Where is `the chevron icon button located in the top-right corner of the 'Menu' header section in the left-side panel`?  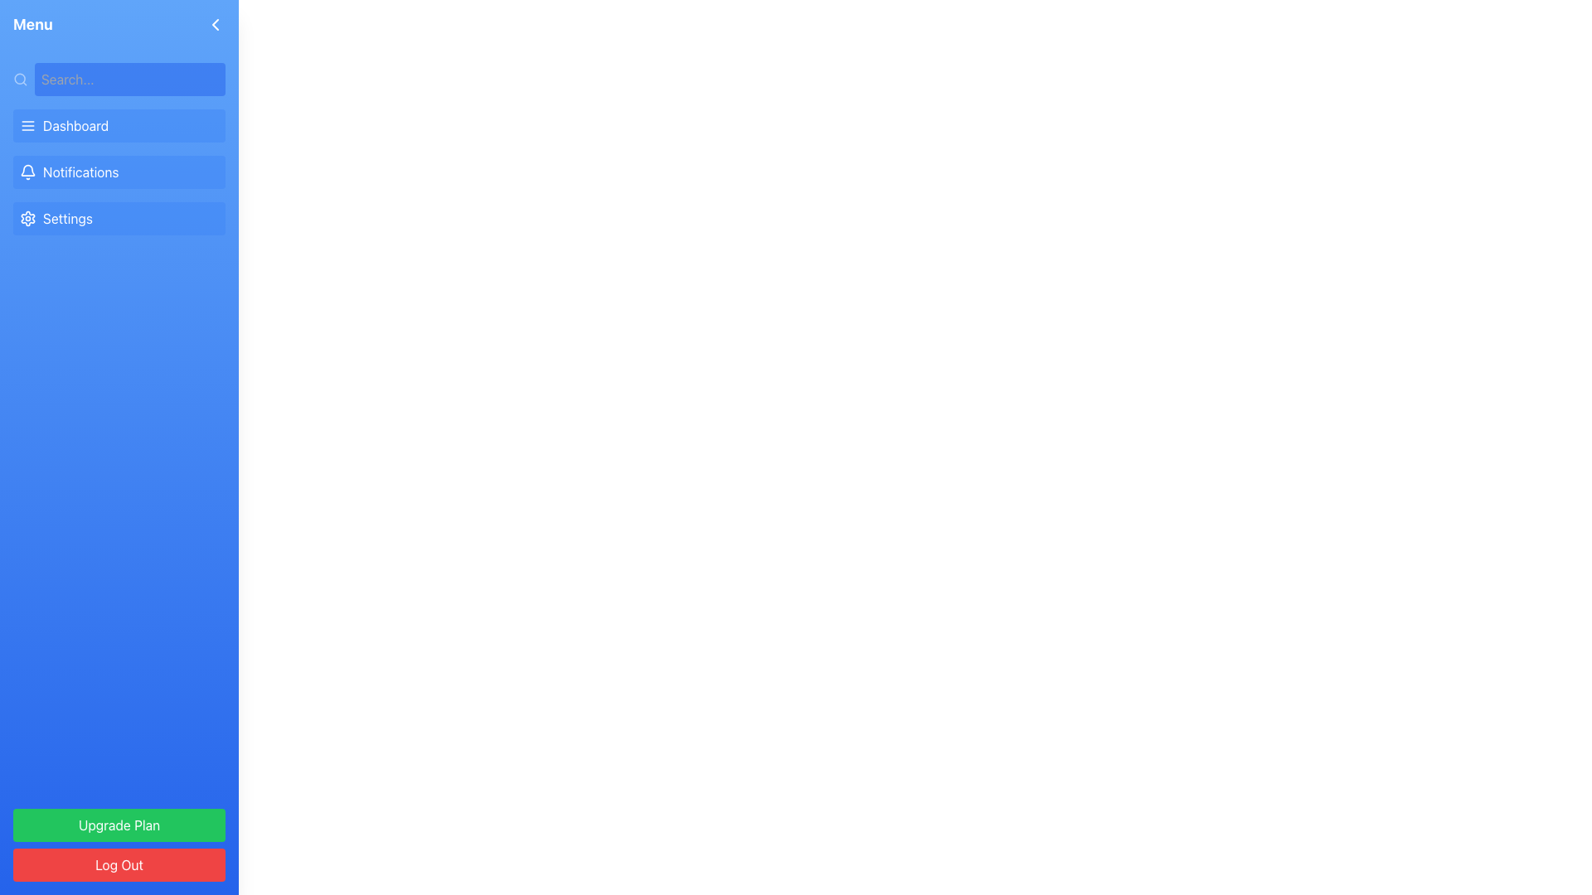 the chevron icon button located in the top-right corner of the 'Menu' header section in the left-side panel is located at coordinates (214, 25).